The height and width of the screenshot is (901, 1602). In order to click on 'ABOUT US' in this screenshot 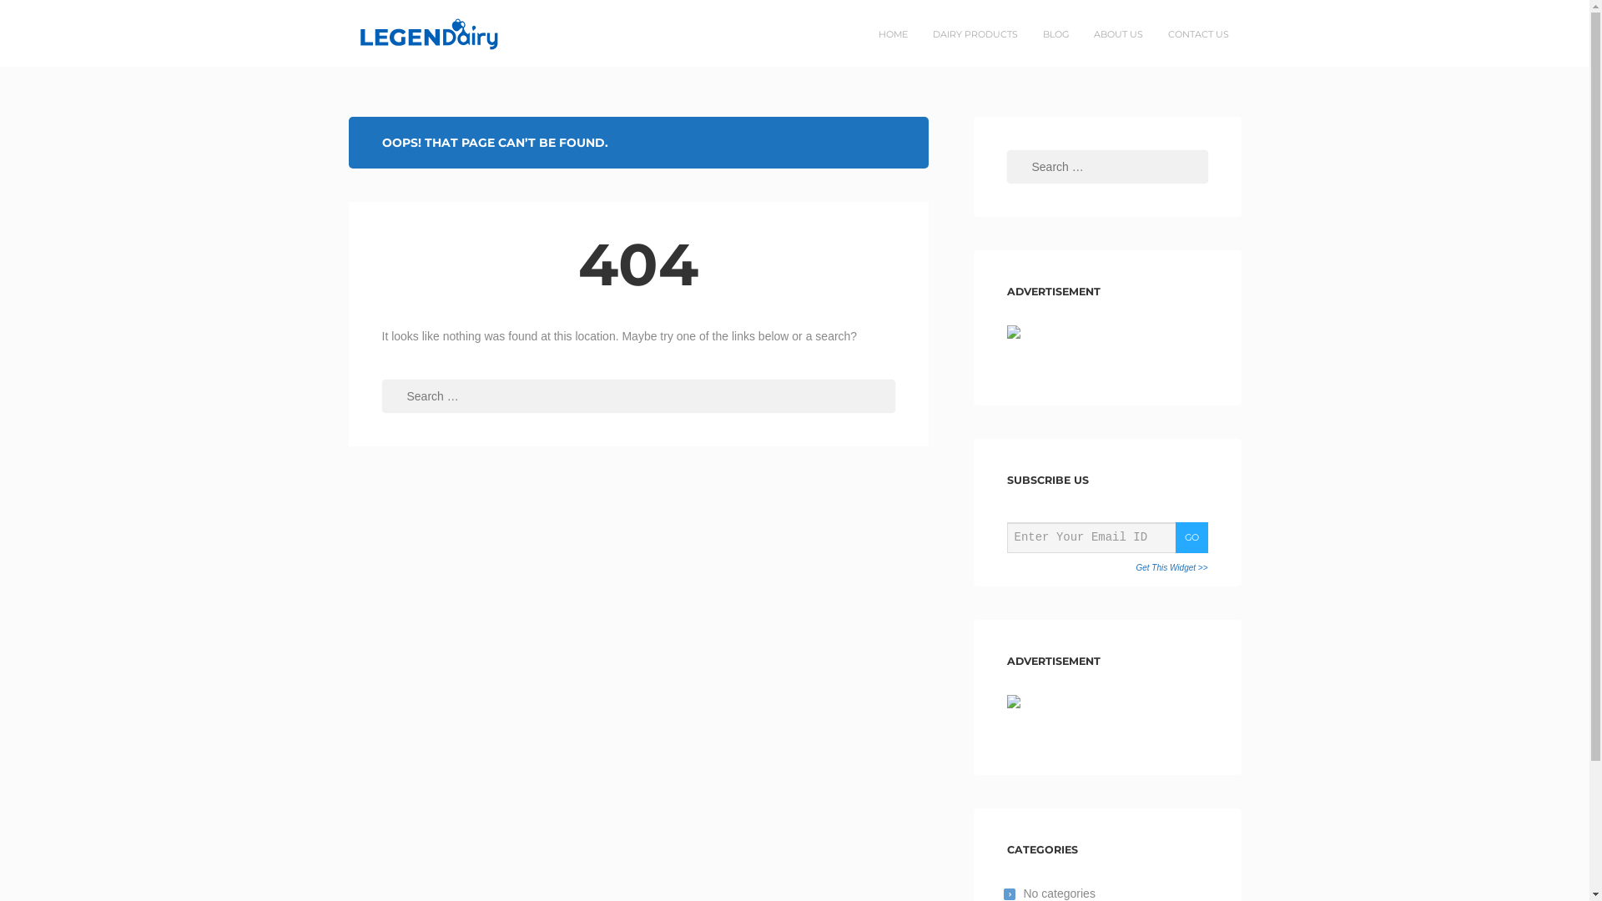, I will do `click(1118, 34)`.